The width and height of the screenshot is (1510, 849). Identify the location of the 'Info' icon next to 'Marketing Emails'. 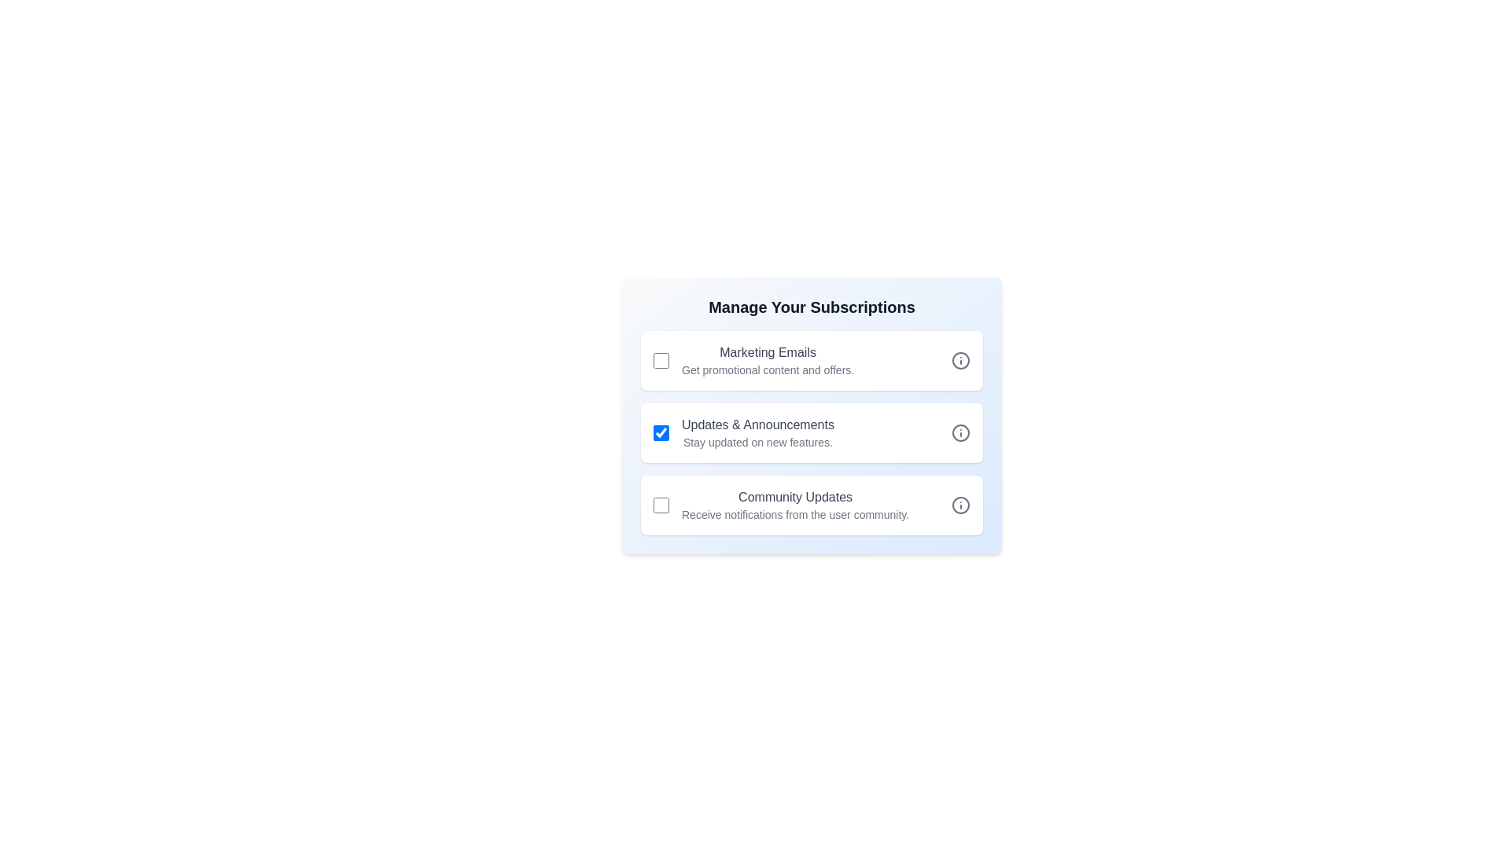
(960, 361).